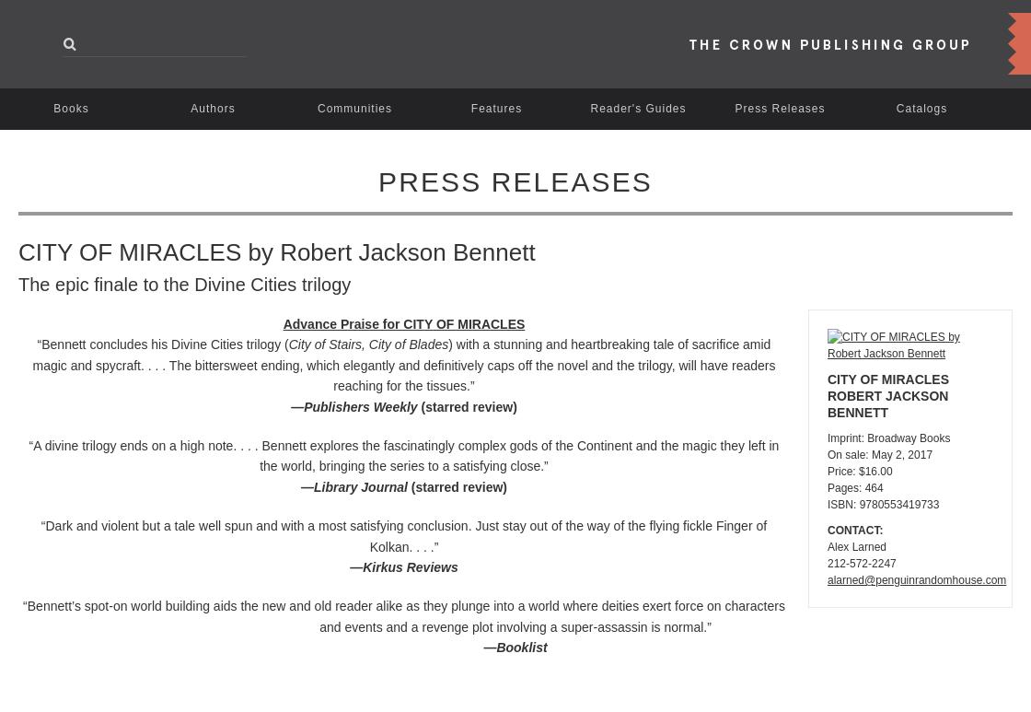  I want to click on 'Catalogs', so click(921, 108).